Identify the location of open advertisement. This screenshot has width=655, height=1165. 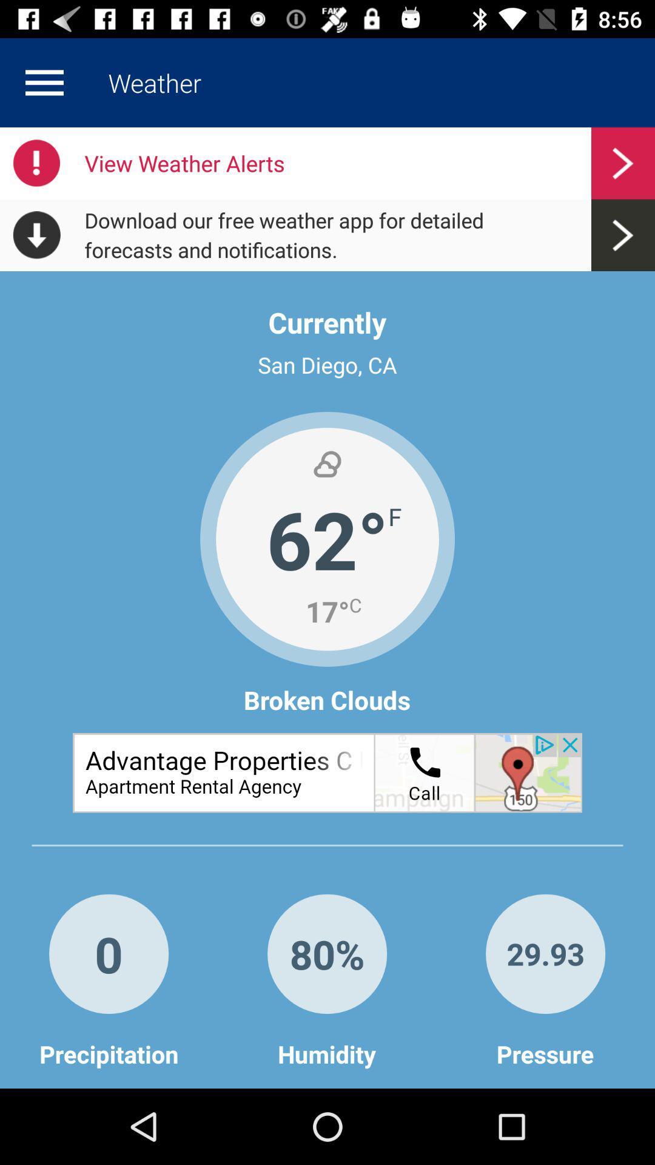
(327, 772).